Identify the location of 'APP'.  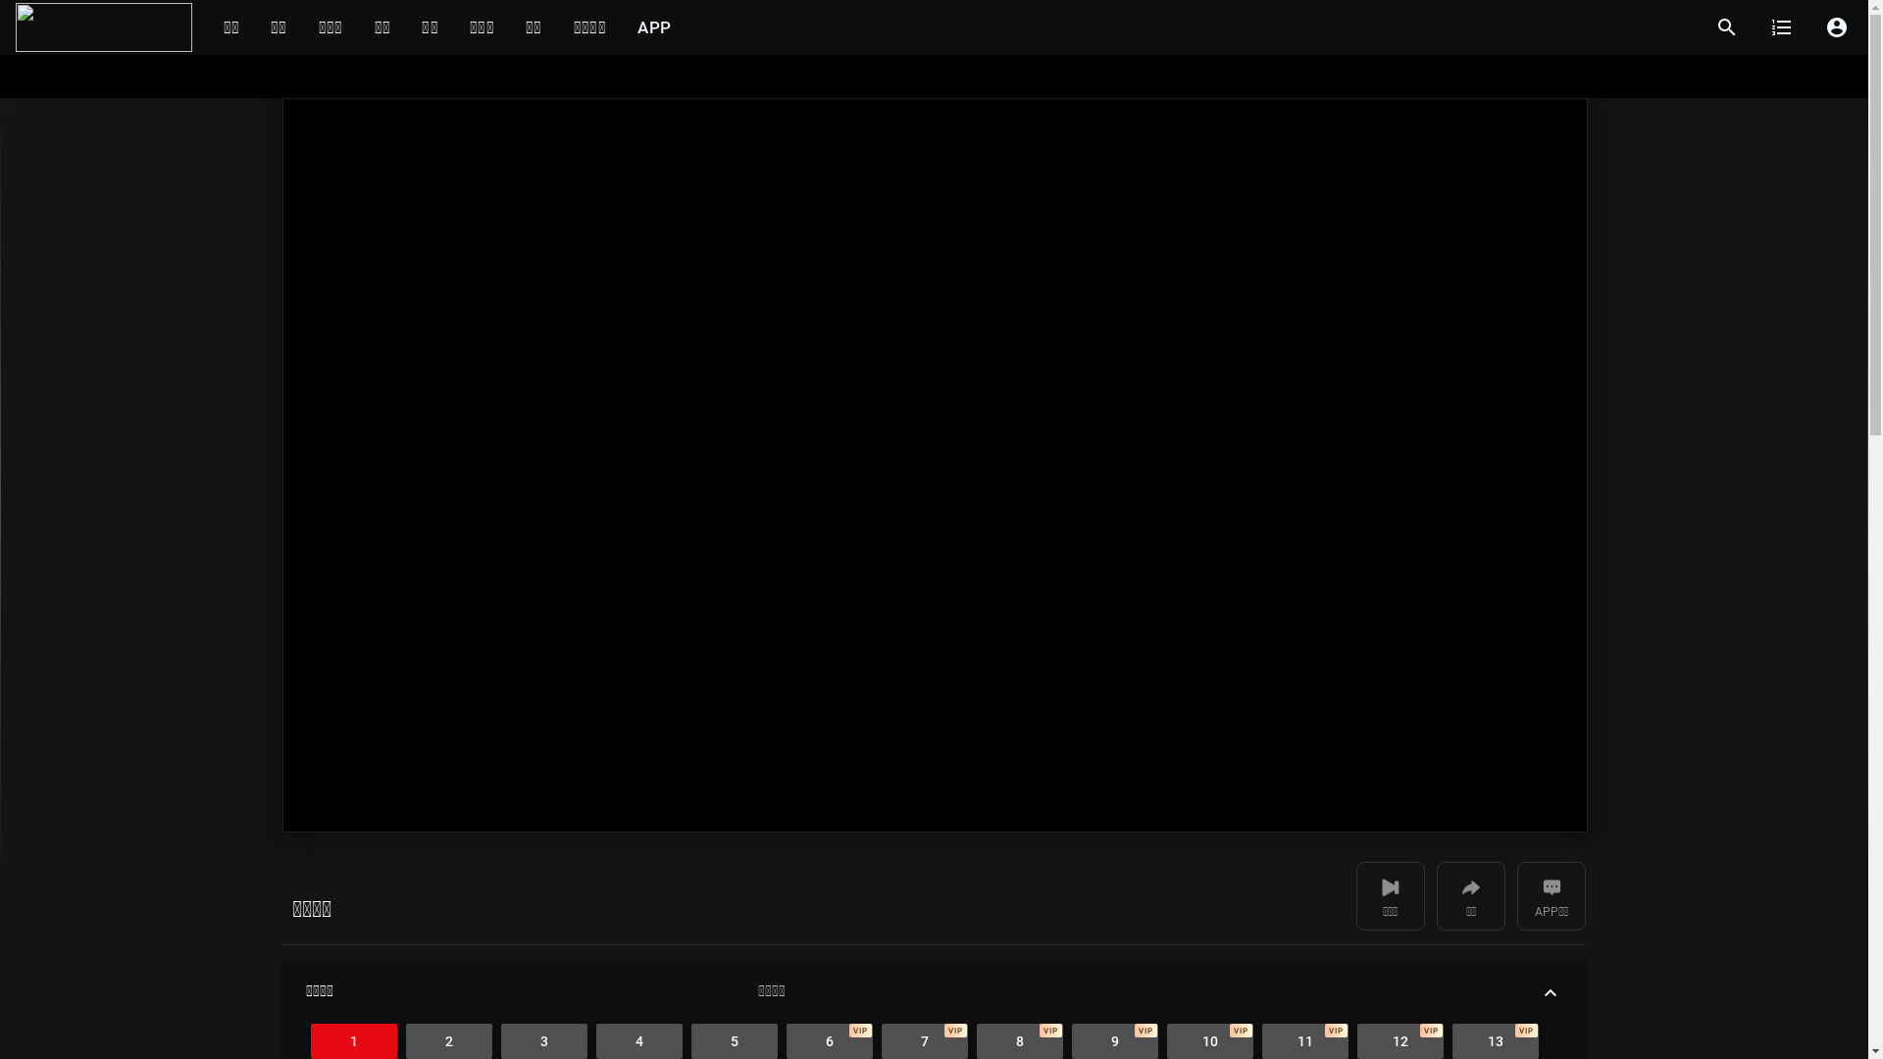
(654, 26).